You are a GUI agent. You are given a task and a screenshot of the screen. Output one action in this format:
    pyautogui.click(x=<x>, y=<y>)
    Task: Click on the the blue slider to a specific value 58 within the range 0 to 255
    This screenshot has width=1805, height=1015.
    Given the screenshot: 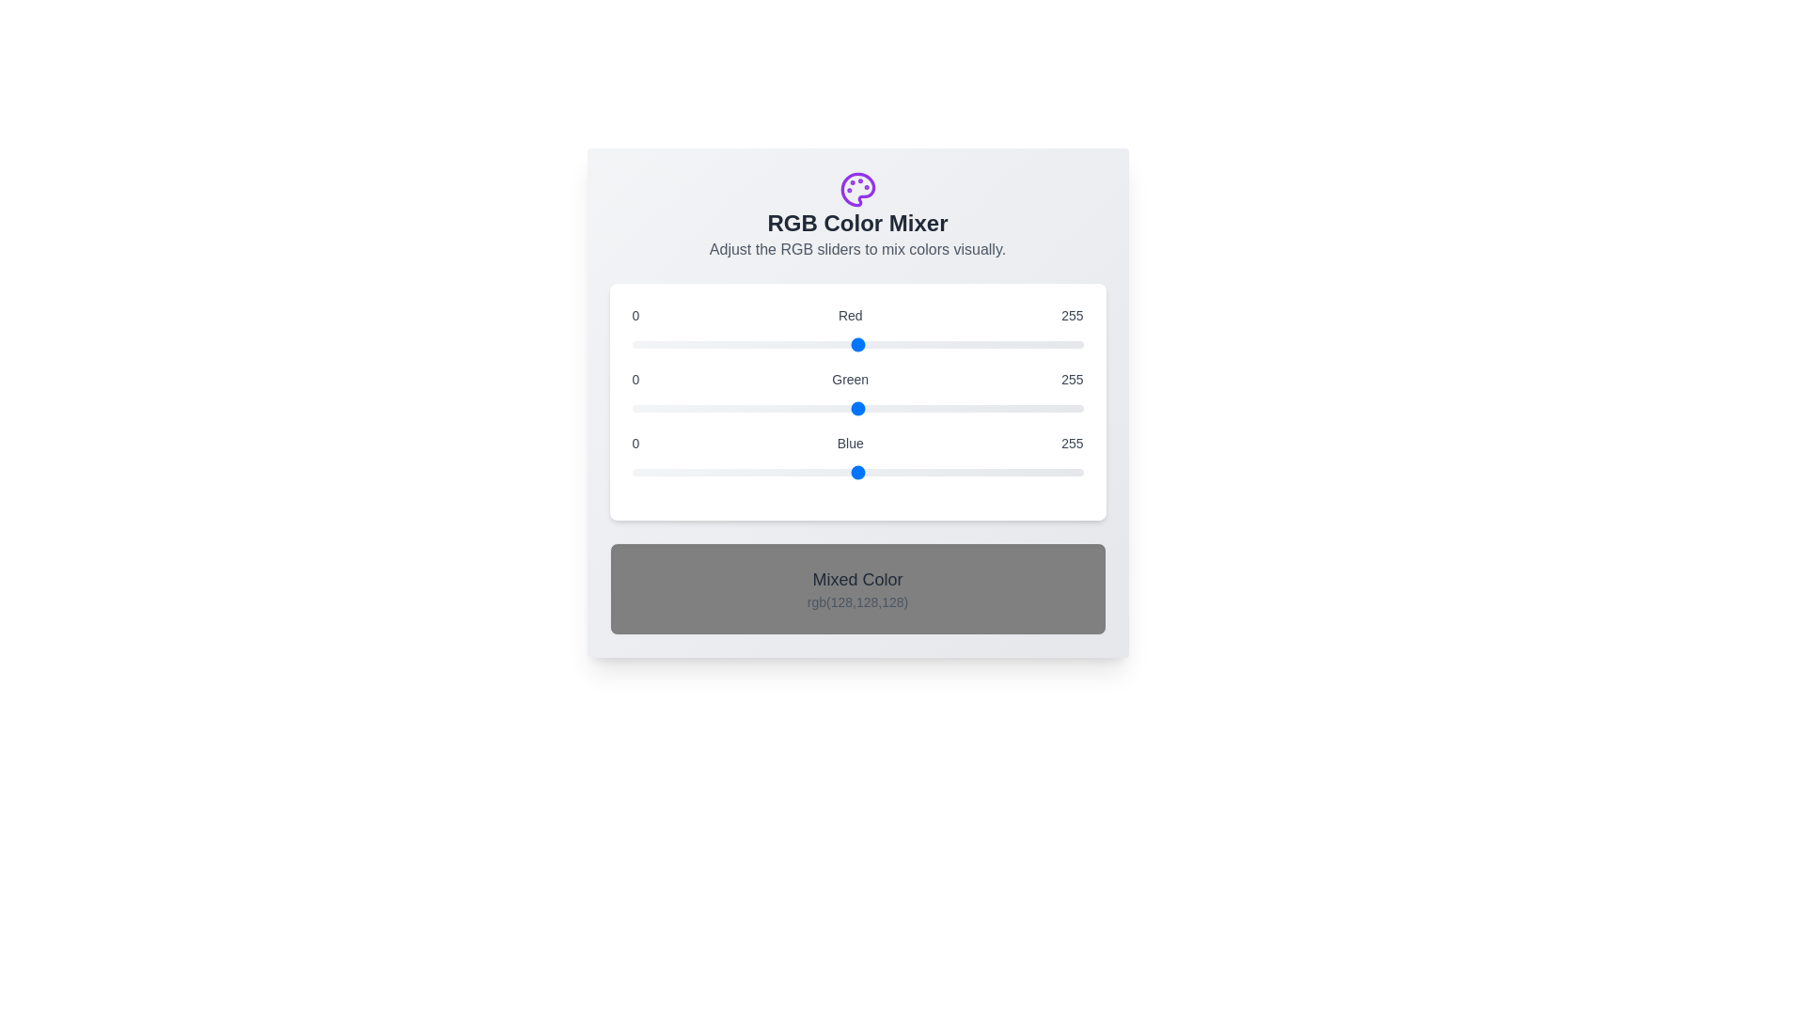 What is the action you would take?
    pyautogui.click(x=733, y=471)
    